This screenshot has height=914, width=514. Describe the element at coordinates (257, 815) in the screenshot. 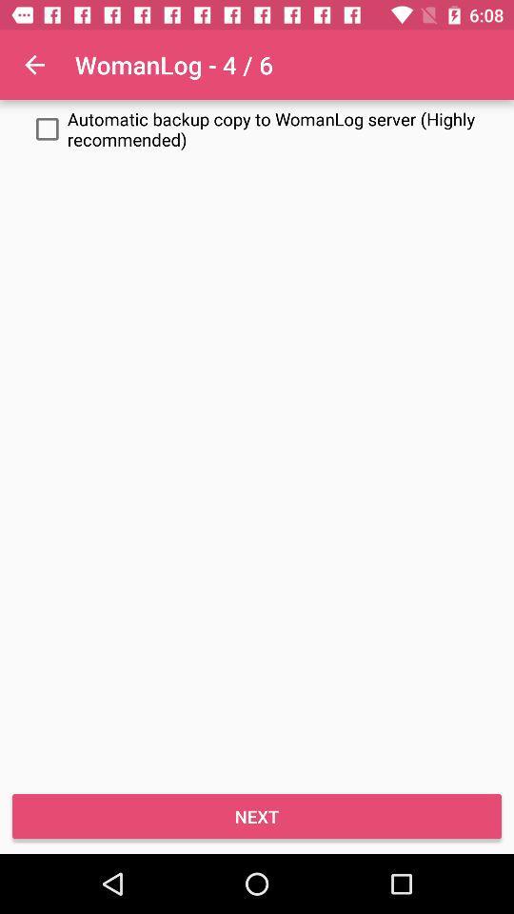

I see `next` at that location.